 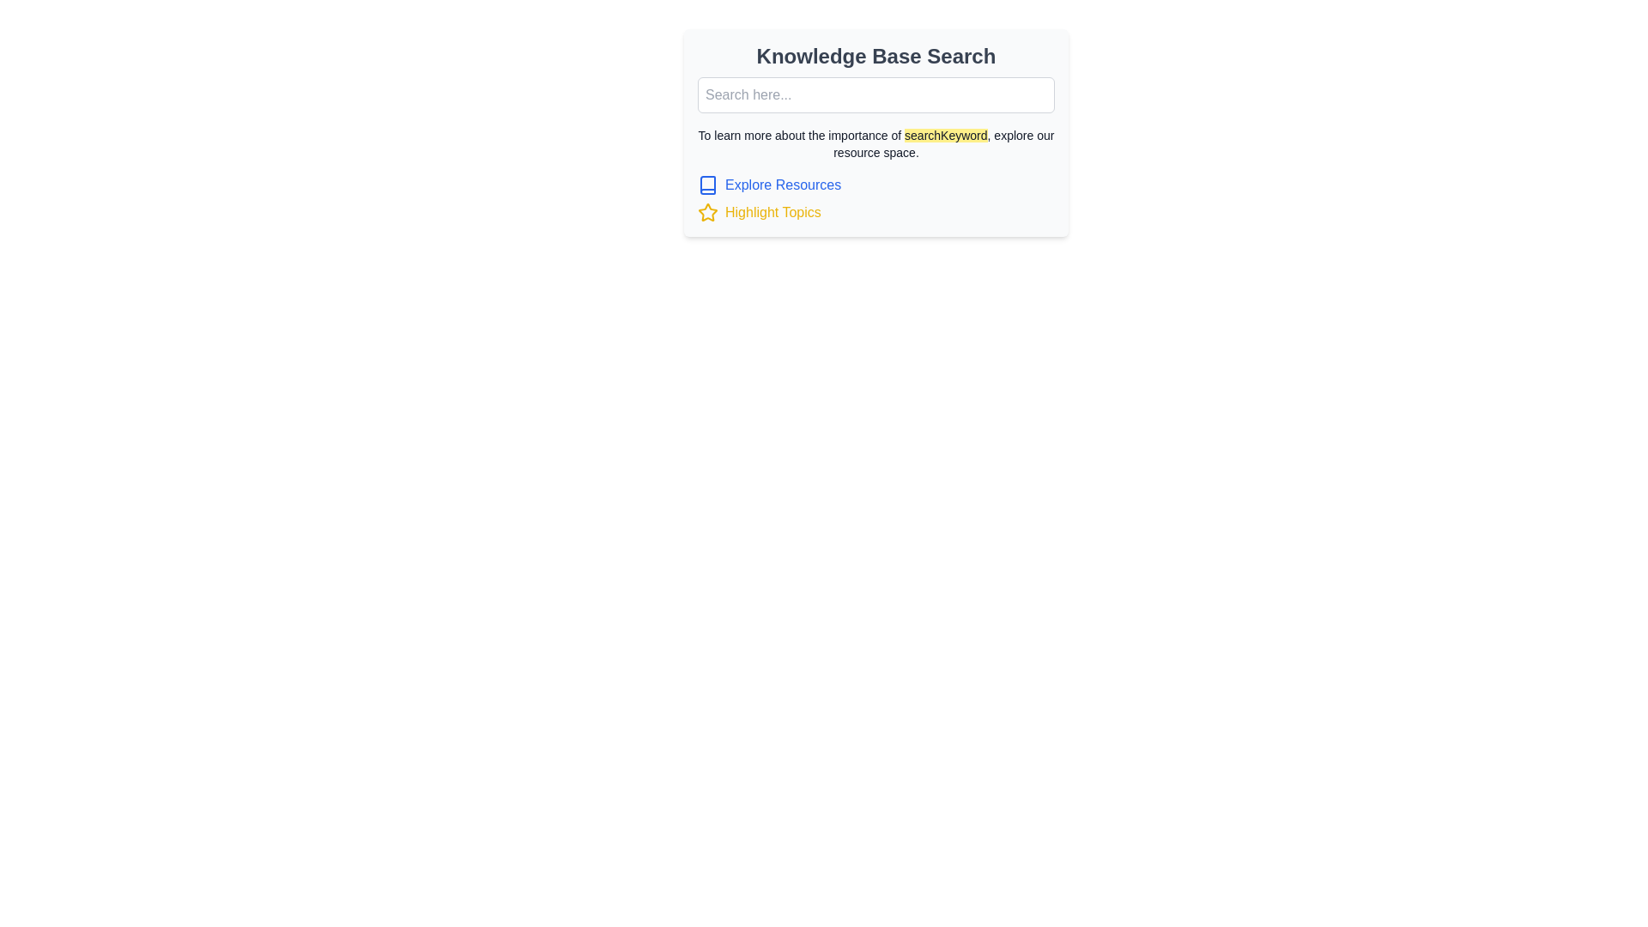 I want to click on the yellow star-shaped icon located to the left of the text 'Highlight Topics', which is styled with bright yellow color and has round-tipped strokes, so click(x=708, y=211).